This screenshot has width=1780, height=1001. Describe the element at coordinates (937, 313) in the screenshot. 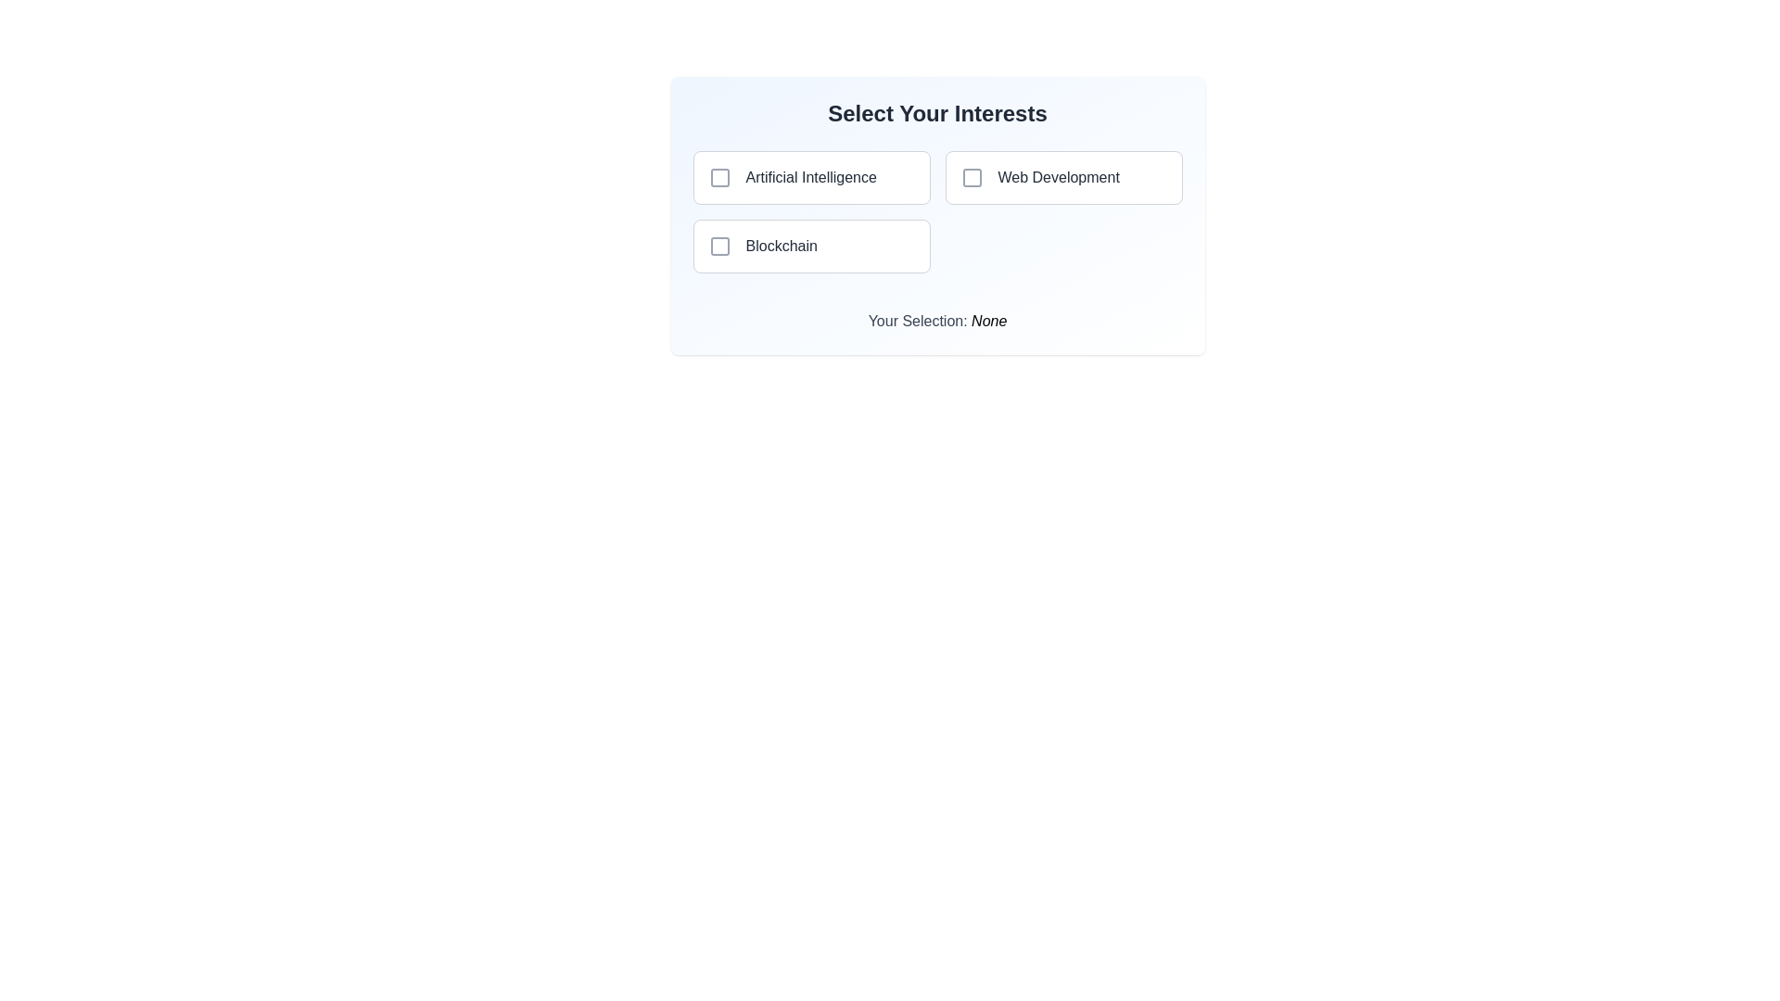

I see `the text label that displays the user's current selection within the 'Select Your Interests' card component` at that location.